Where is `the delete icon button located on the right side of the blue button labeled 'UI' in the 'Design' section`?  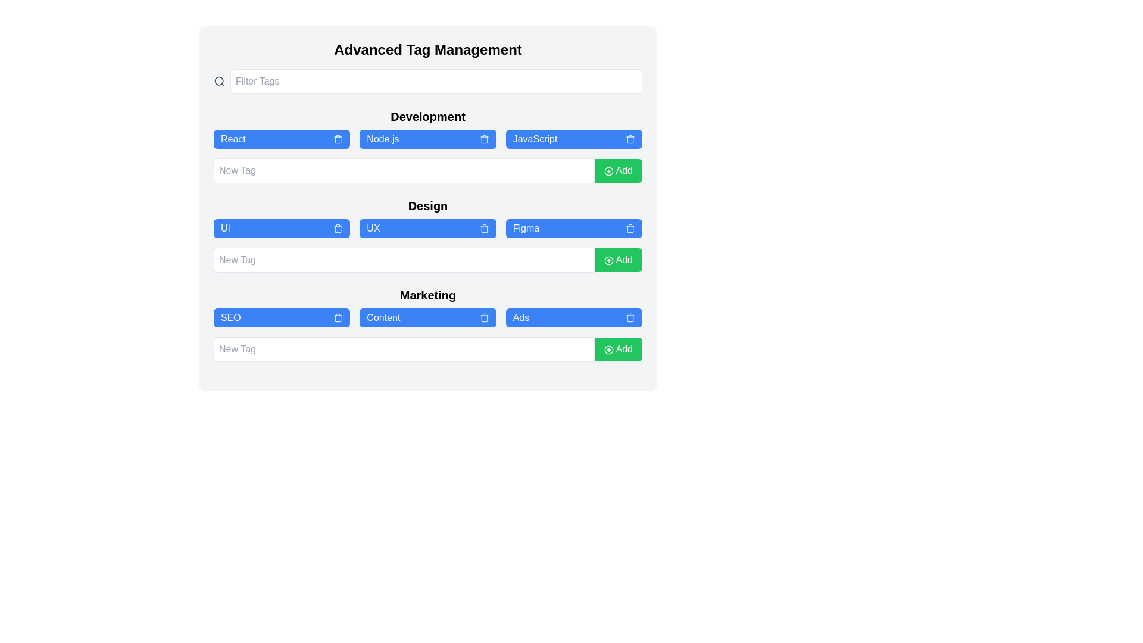
the delete icon button located on the right side of the blue button labeled 'UI' in the 'Design' section is located at coordinates (338, 229).